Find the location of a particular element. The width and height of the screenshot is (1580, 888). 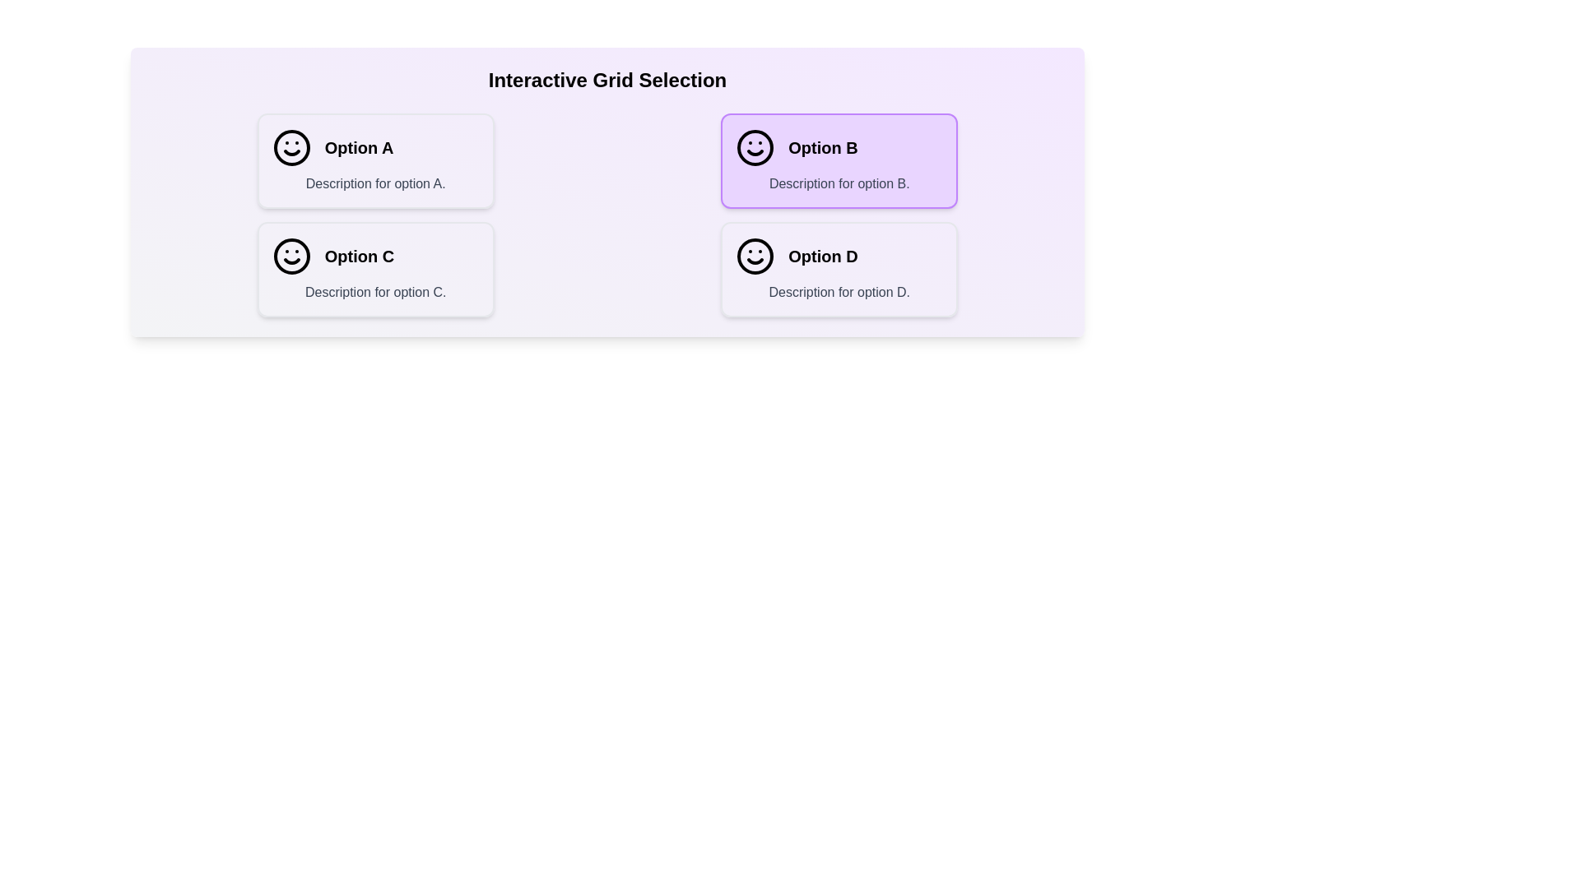

the option Option B in the grid is located at coordinates (839, 161).